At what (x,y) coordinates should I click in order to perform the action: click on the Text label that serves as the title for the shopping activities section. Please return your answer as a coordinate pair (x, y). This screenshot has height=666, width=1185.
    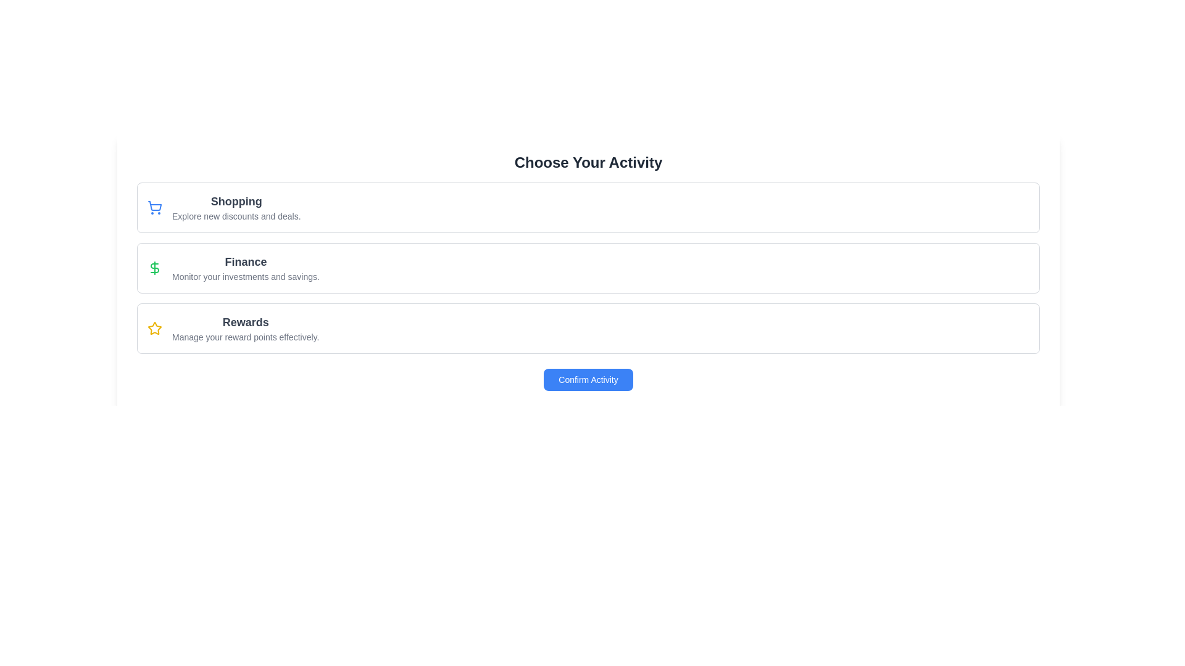
    Looking at the image, I should click on (236, 201).